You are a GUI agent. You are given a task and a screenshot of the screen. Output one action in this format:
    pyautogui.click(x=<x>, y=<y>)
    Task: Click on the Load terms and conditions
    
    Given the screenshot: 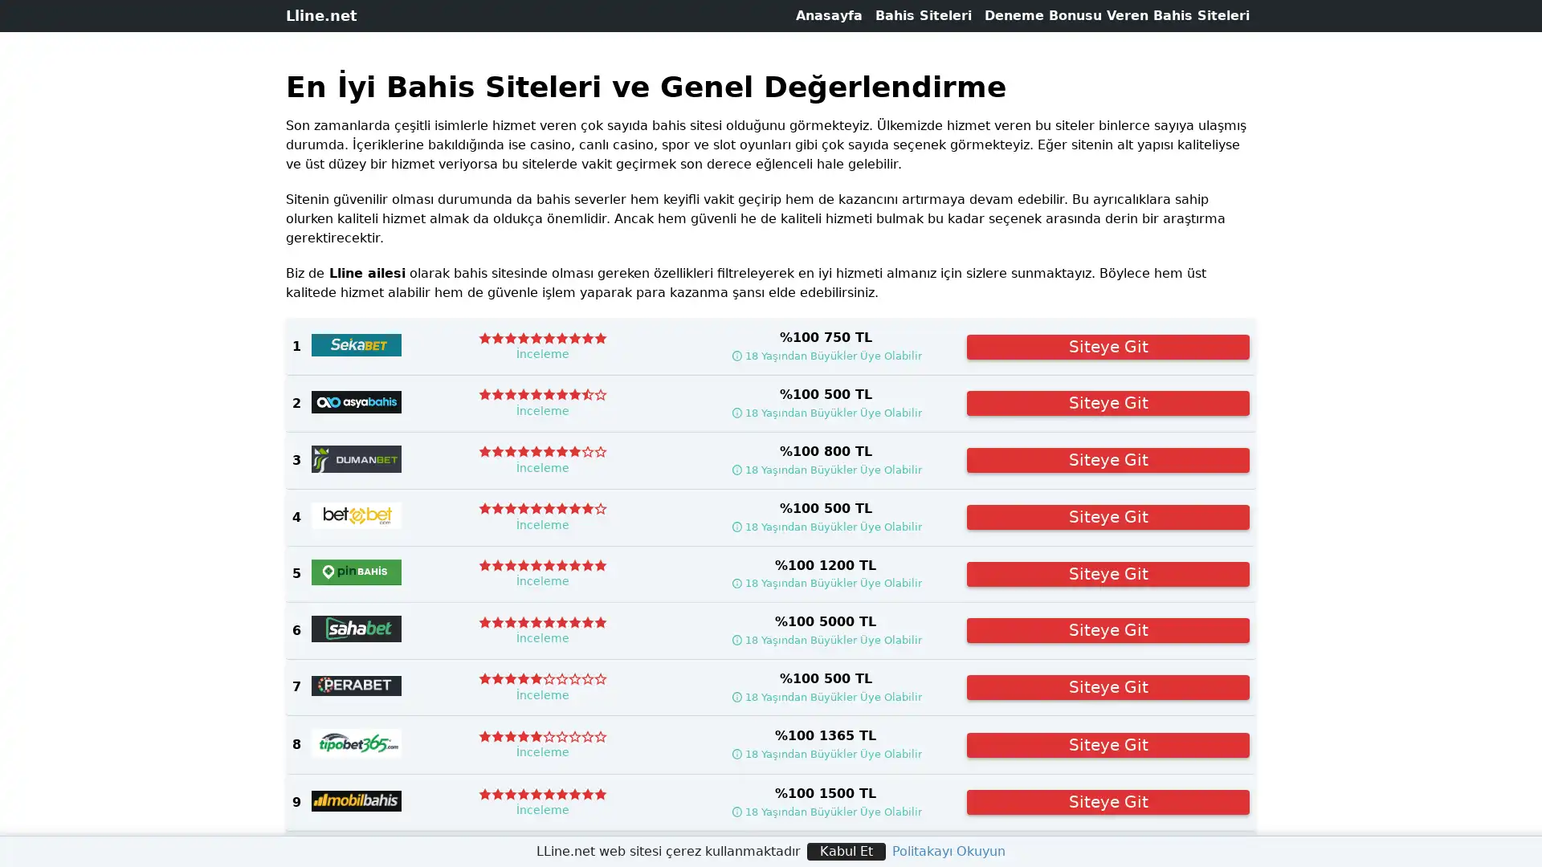 What is the action you would take?
    pyautogui.click(x=825, y=811)
    